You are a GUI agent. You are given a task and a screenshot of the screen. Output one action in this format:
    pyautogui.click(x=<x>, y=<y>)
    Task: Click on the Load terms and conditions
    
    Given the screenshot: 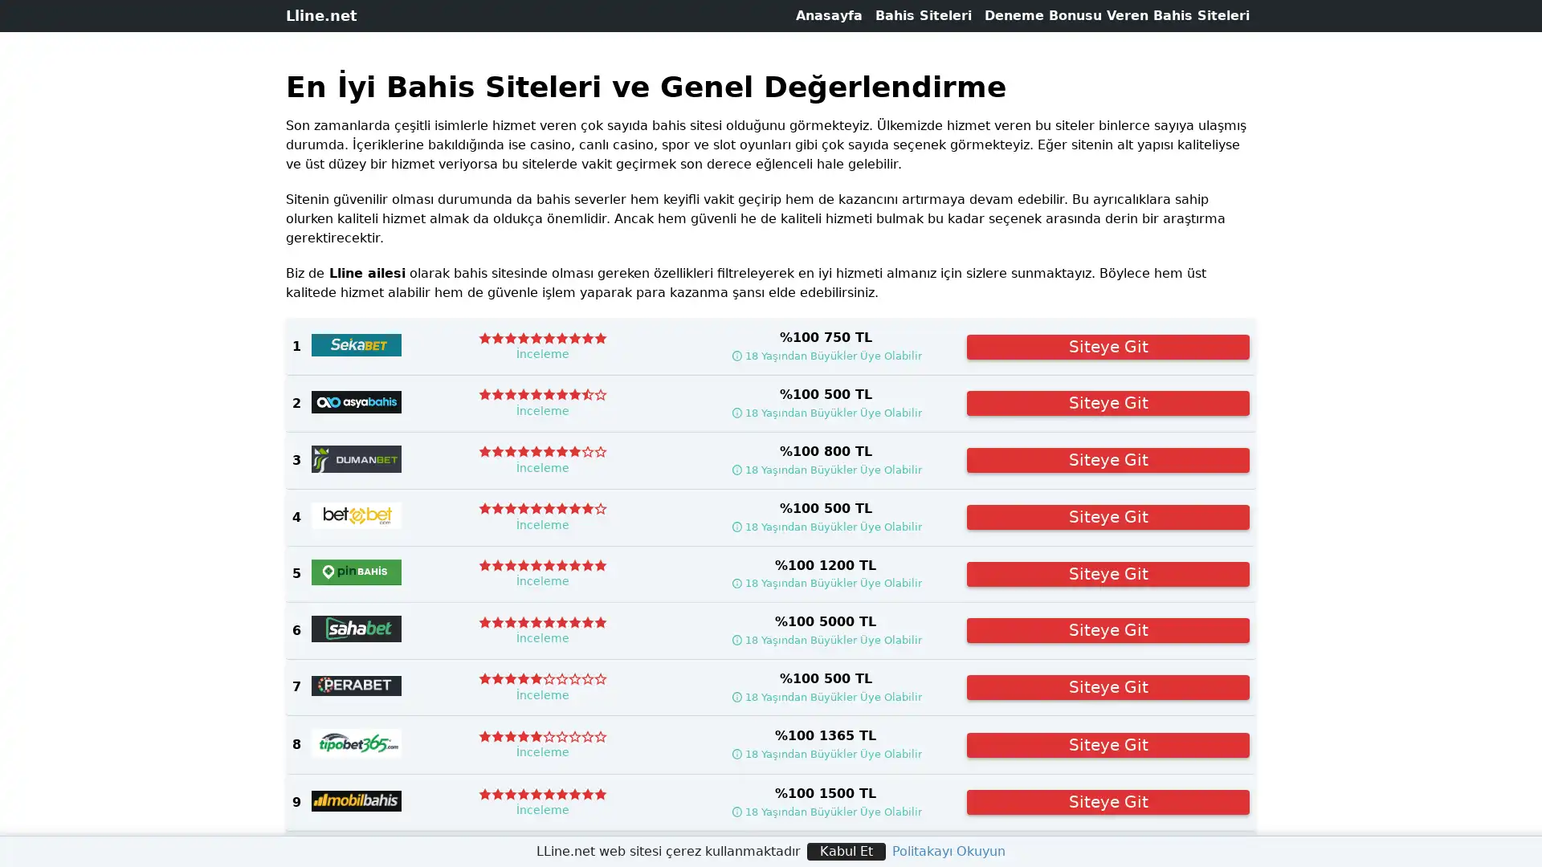 What is the action you would take?
    pyautogui.click(x=825, y=811)
    